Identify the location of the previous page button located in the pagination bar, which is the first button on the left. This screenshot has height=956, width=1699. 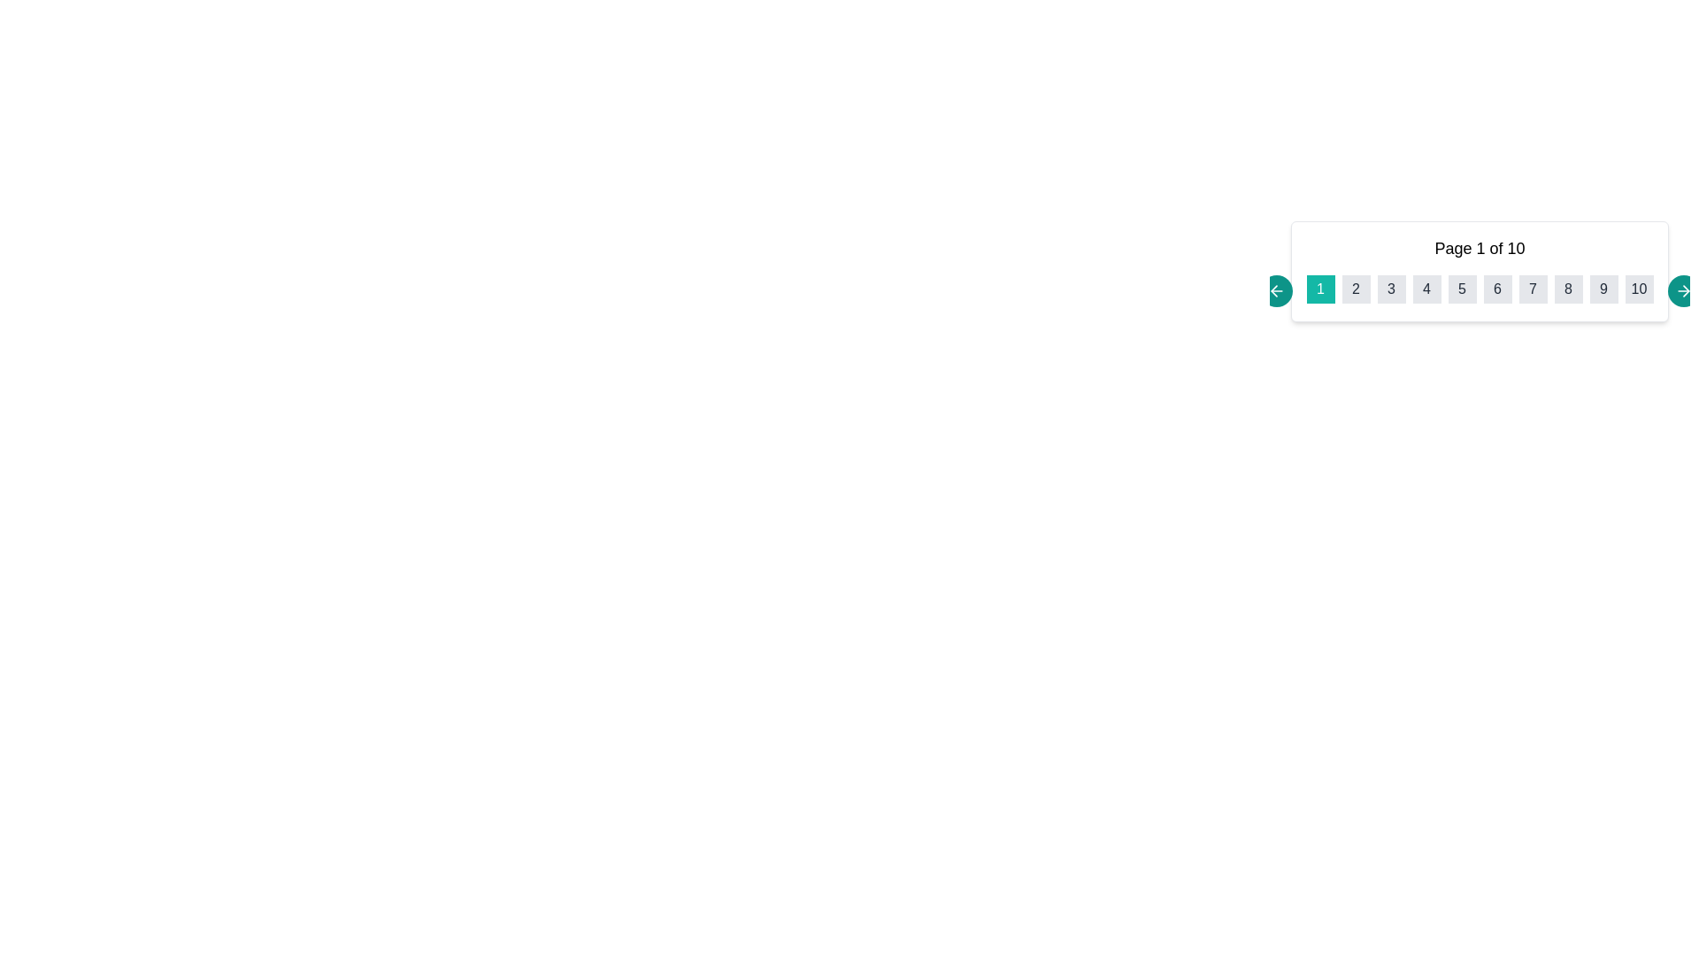
(1276, 289).